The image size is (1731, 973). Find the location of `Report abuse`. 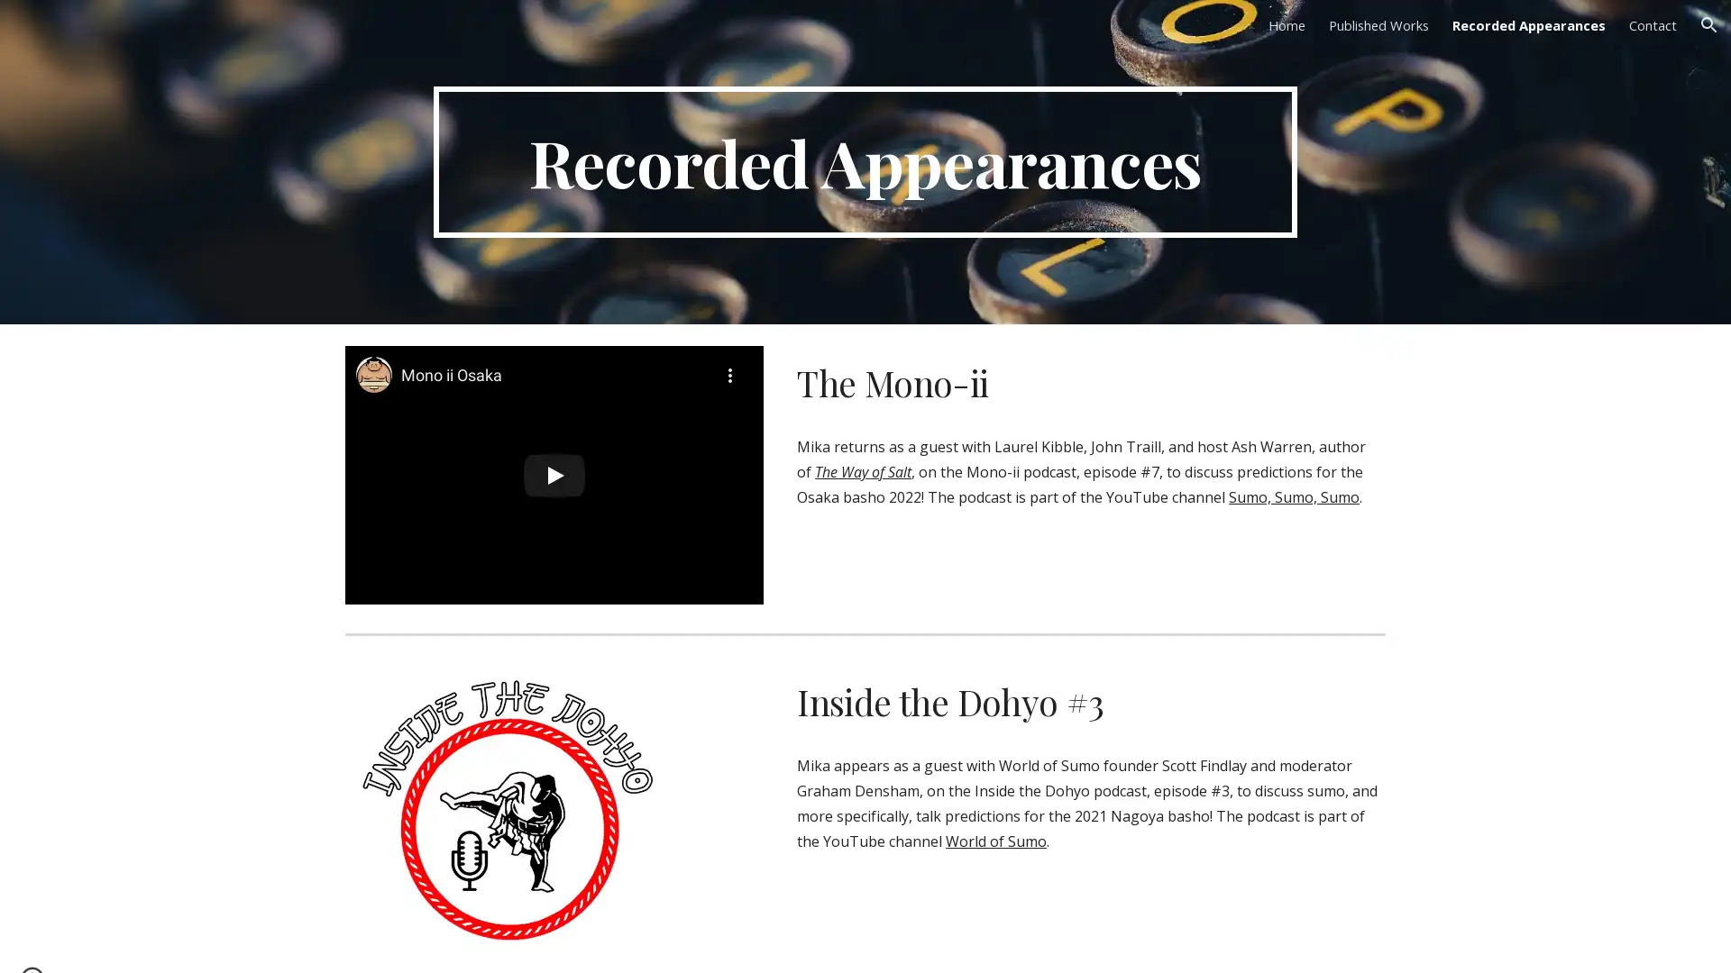

Report abuse is located at coordinates (165, 941).